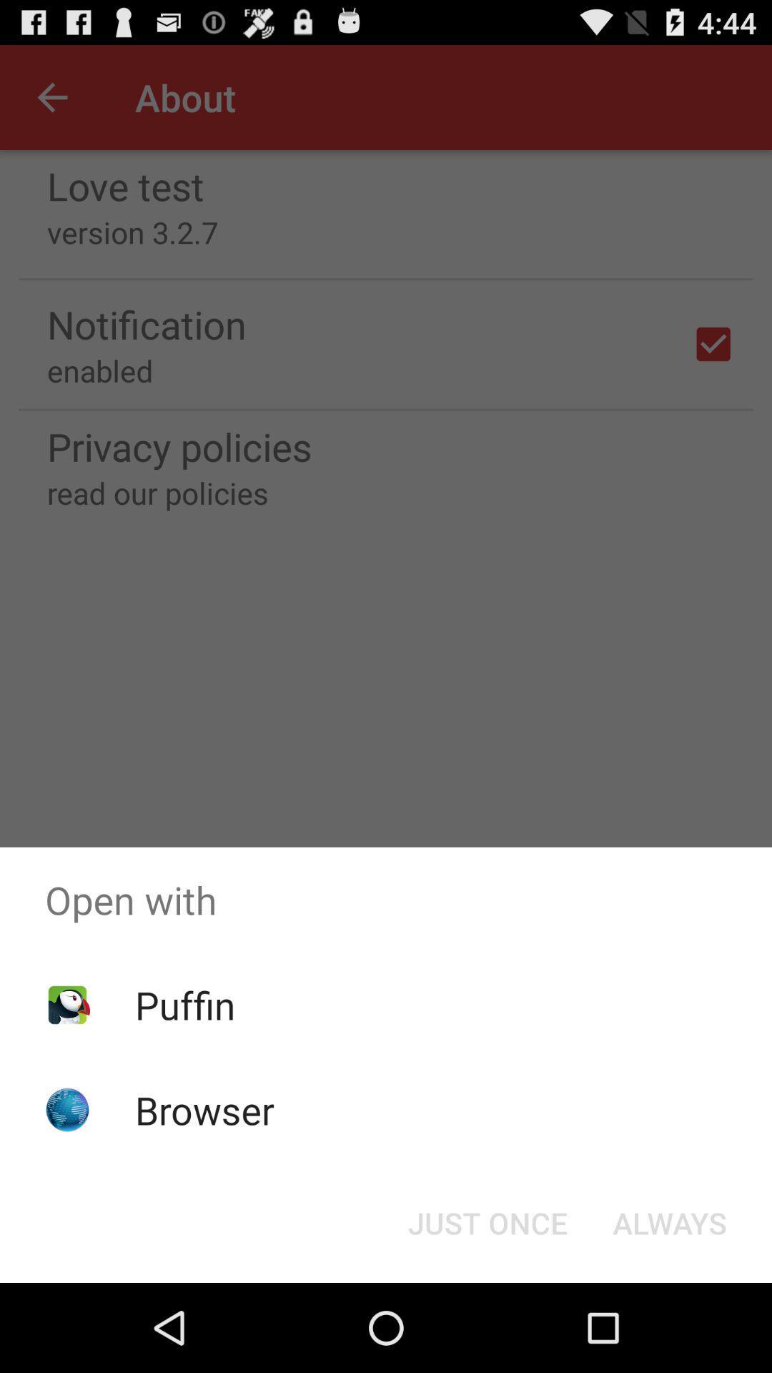  What do you see at coordinates (487, 1221) in the screenshot?
I see `the just once item` at bounding box center [487, 1221].